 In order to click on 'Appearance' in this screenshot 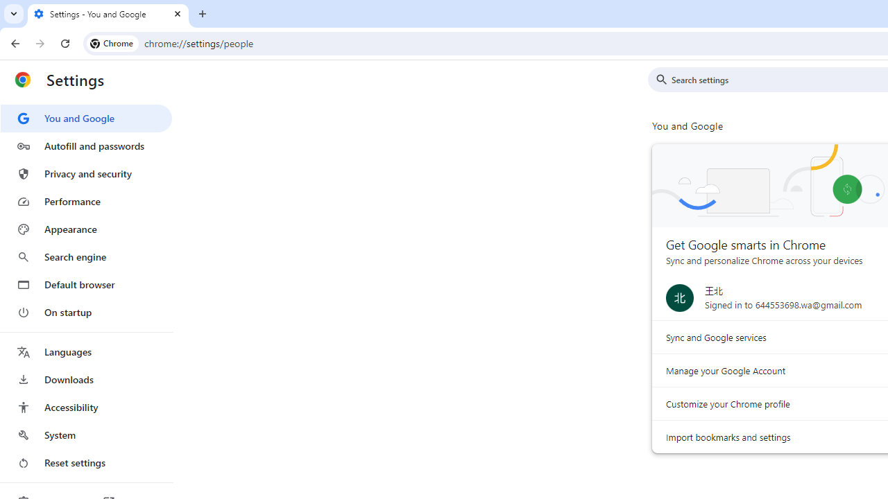, I will do `click(85, 229)`.